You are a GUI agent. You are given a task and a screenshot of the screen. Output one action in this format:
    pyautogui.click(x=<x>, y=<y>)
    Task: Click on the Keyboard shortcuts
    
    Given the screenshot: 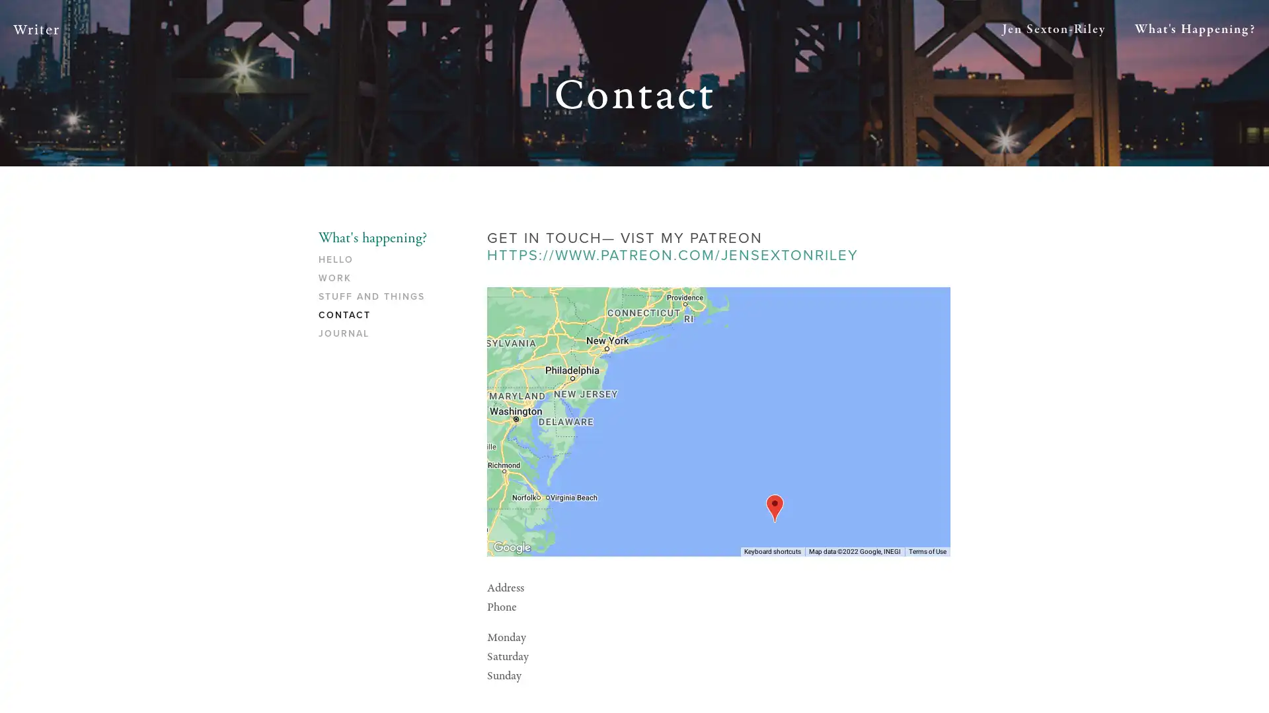 What is the action you would take?
    pyautogui.click(x=773, y=551)
    